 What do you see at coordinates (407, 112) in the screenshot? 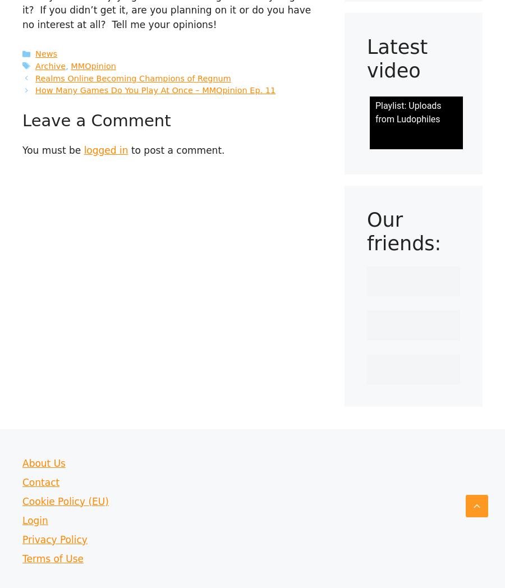
I see `'Playlist: Uploads from Ludophiles'` at bounding box center [407, 112].